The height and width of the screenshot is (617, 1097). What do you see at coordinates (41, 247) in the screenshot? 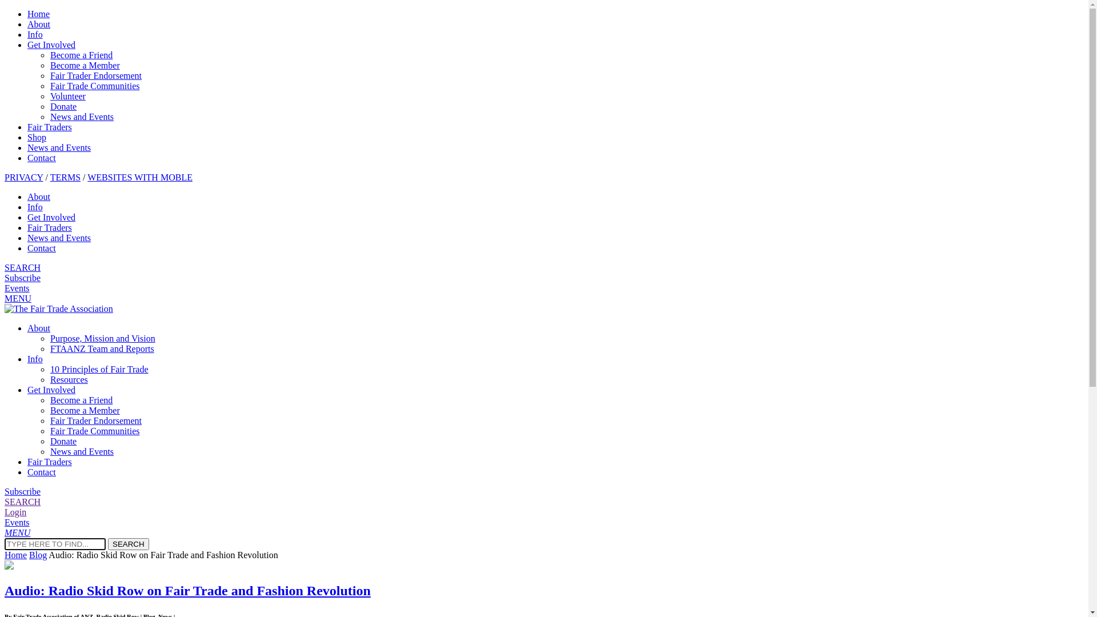
I see `'Contact'` at bounding box center [41, 247].